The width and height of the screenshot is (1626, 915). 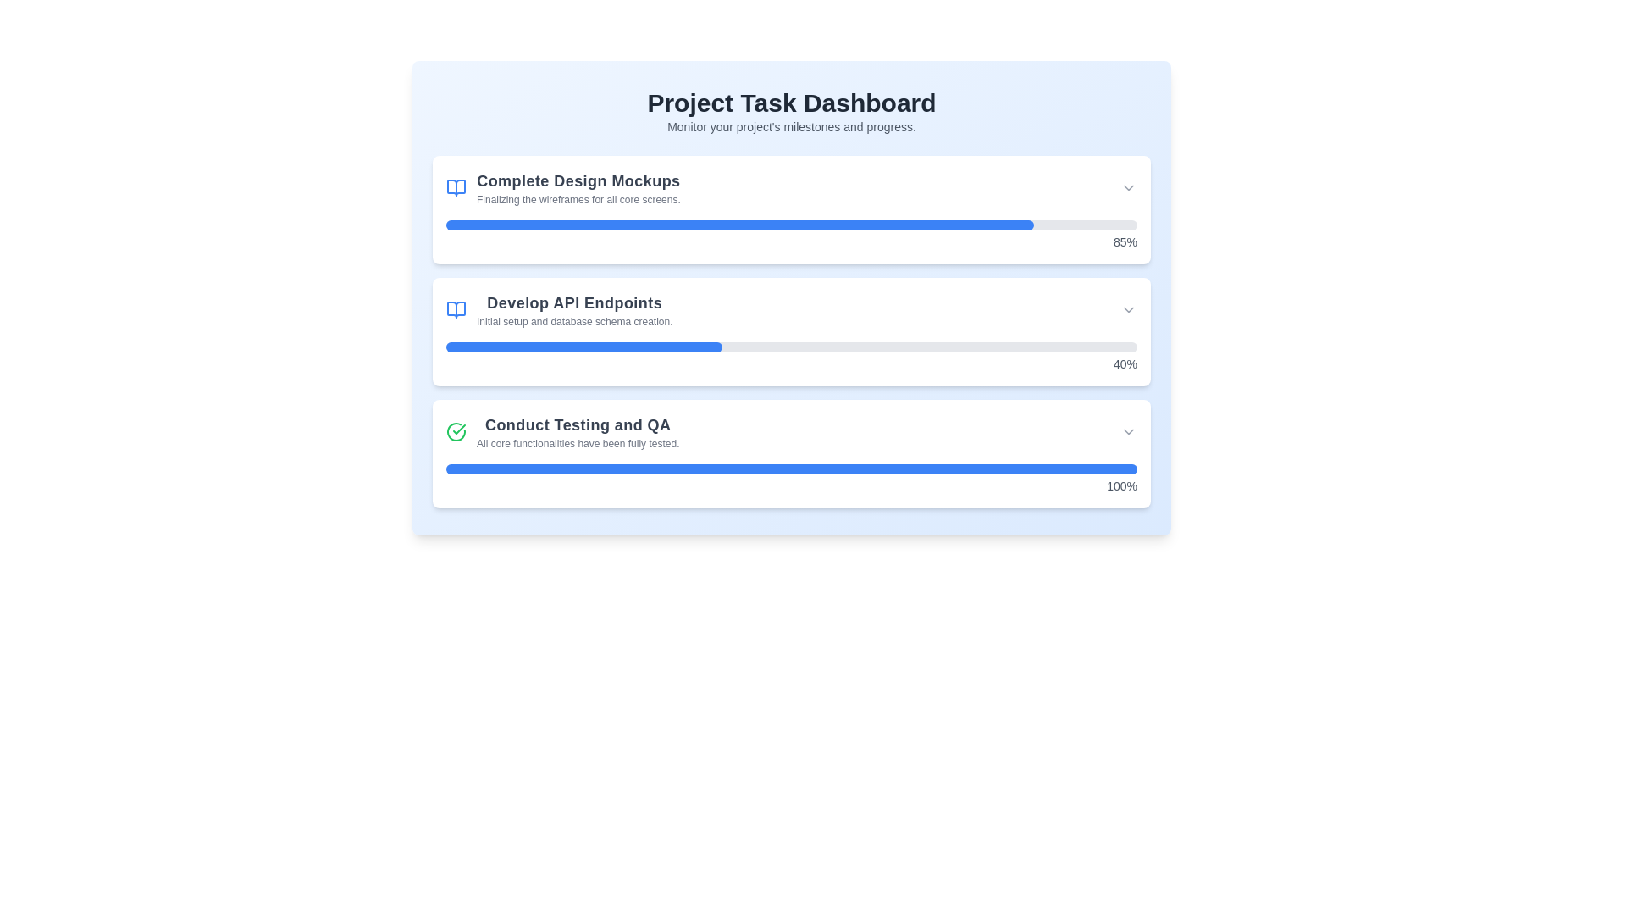 What do you see at coordinates (791, 356) in the screenshot?
I see `text displayed in the percentage indicator showing '40%' located at the right end of the progress bar in the 'Develop API Endpoints' task box` at bounding box center [791, 356].